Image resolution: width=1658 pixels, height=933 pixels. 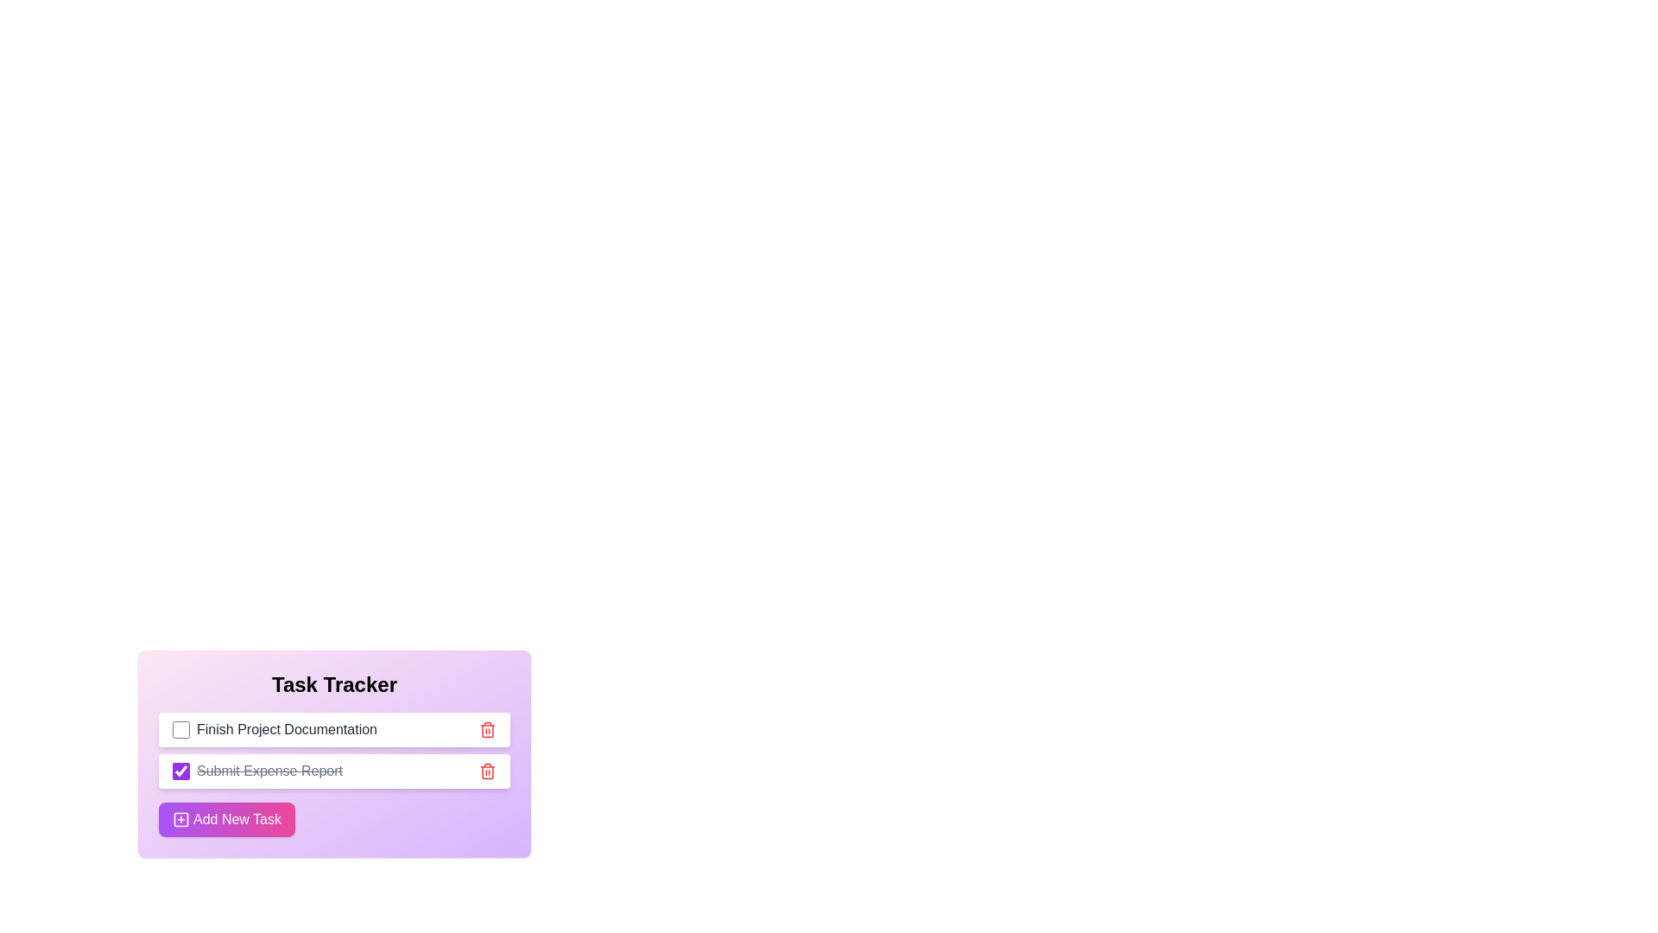 What do you see at coordinates (256, 771) in the screenshot?
I see `the details of the completed task displayed by the text label located in the task-tracking application, positioned between 'Finish Project Documentation' and the red delete button` at bounding box center [256, 771].